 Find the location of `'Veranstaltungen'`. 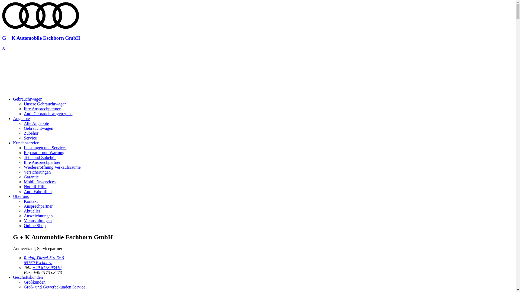

'Veranstaltungen' is located at coordinates (37, 221).